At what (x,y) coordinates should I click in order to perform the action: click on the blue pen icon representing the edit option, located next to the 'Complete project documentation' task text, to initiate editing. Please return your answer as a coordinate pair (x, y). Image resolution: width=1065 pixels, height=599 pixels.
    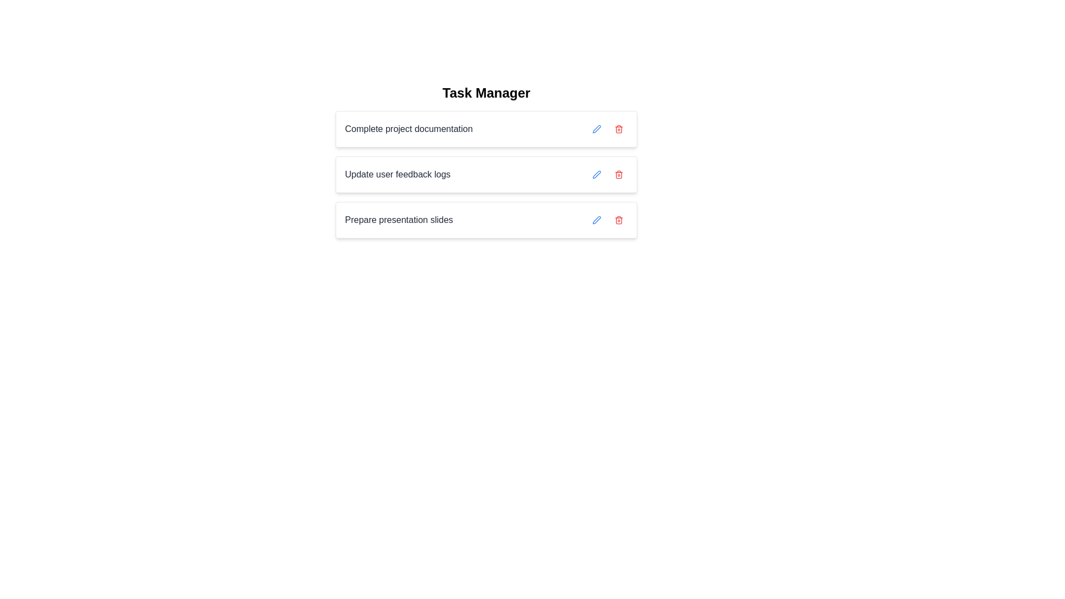
    Looking at the image, I should click on (596, 175).